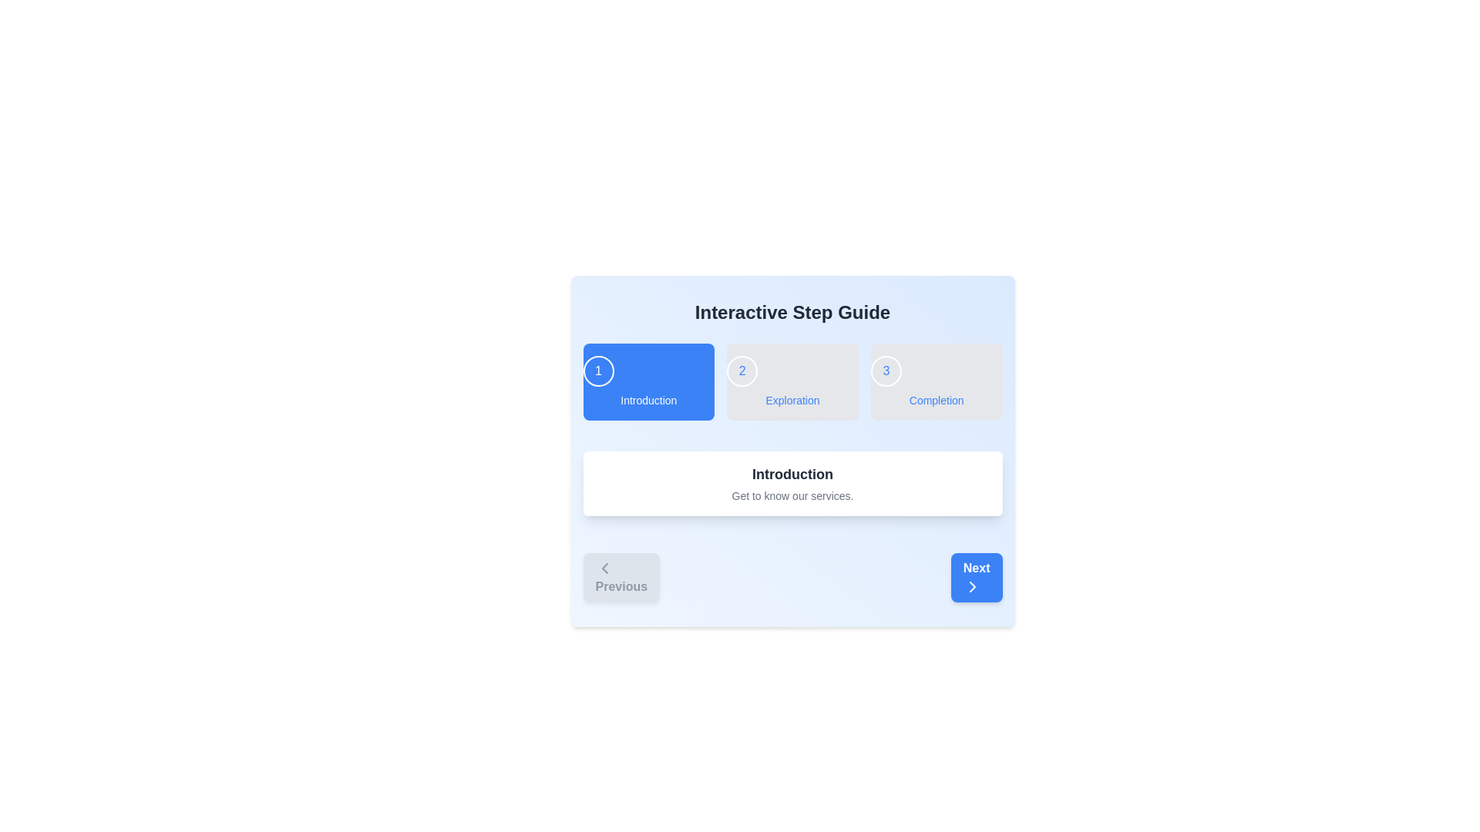 Image resolution: width=1480 pixels, height=832 pixels. I want to click on the text label that reads 'Introduction', which is positioned within a blue rectangular button in the 'Interactive Step Guide' interface, so click(648, 400).